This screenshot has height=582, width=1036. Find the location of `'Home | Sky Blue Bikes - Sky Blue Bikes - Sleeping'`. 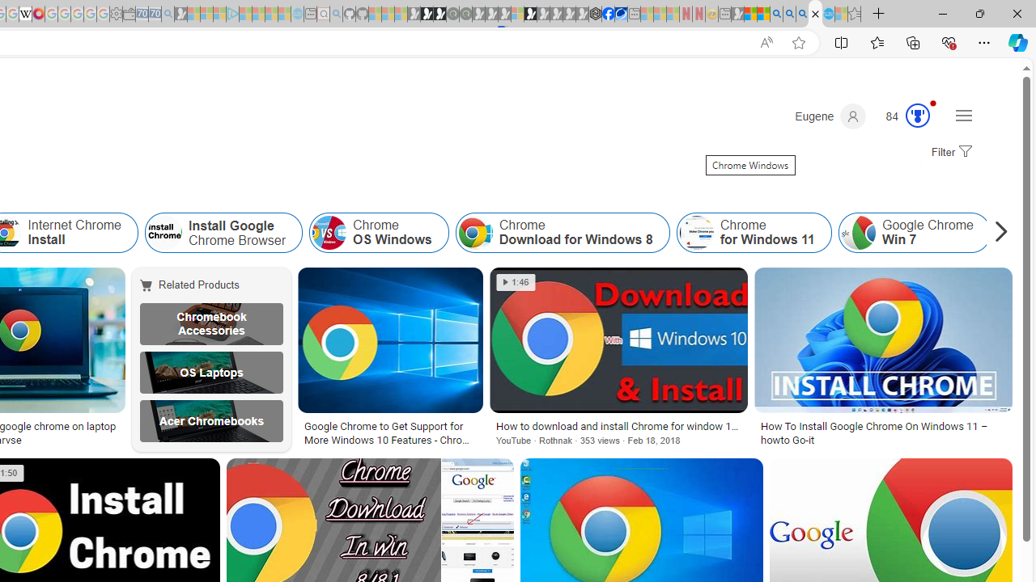

'Home | Sky Blue Bikes - Sky Blue Bikes - Sleeping' is located at coordinates (297, 14).